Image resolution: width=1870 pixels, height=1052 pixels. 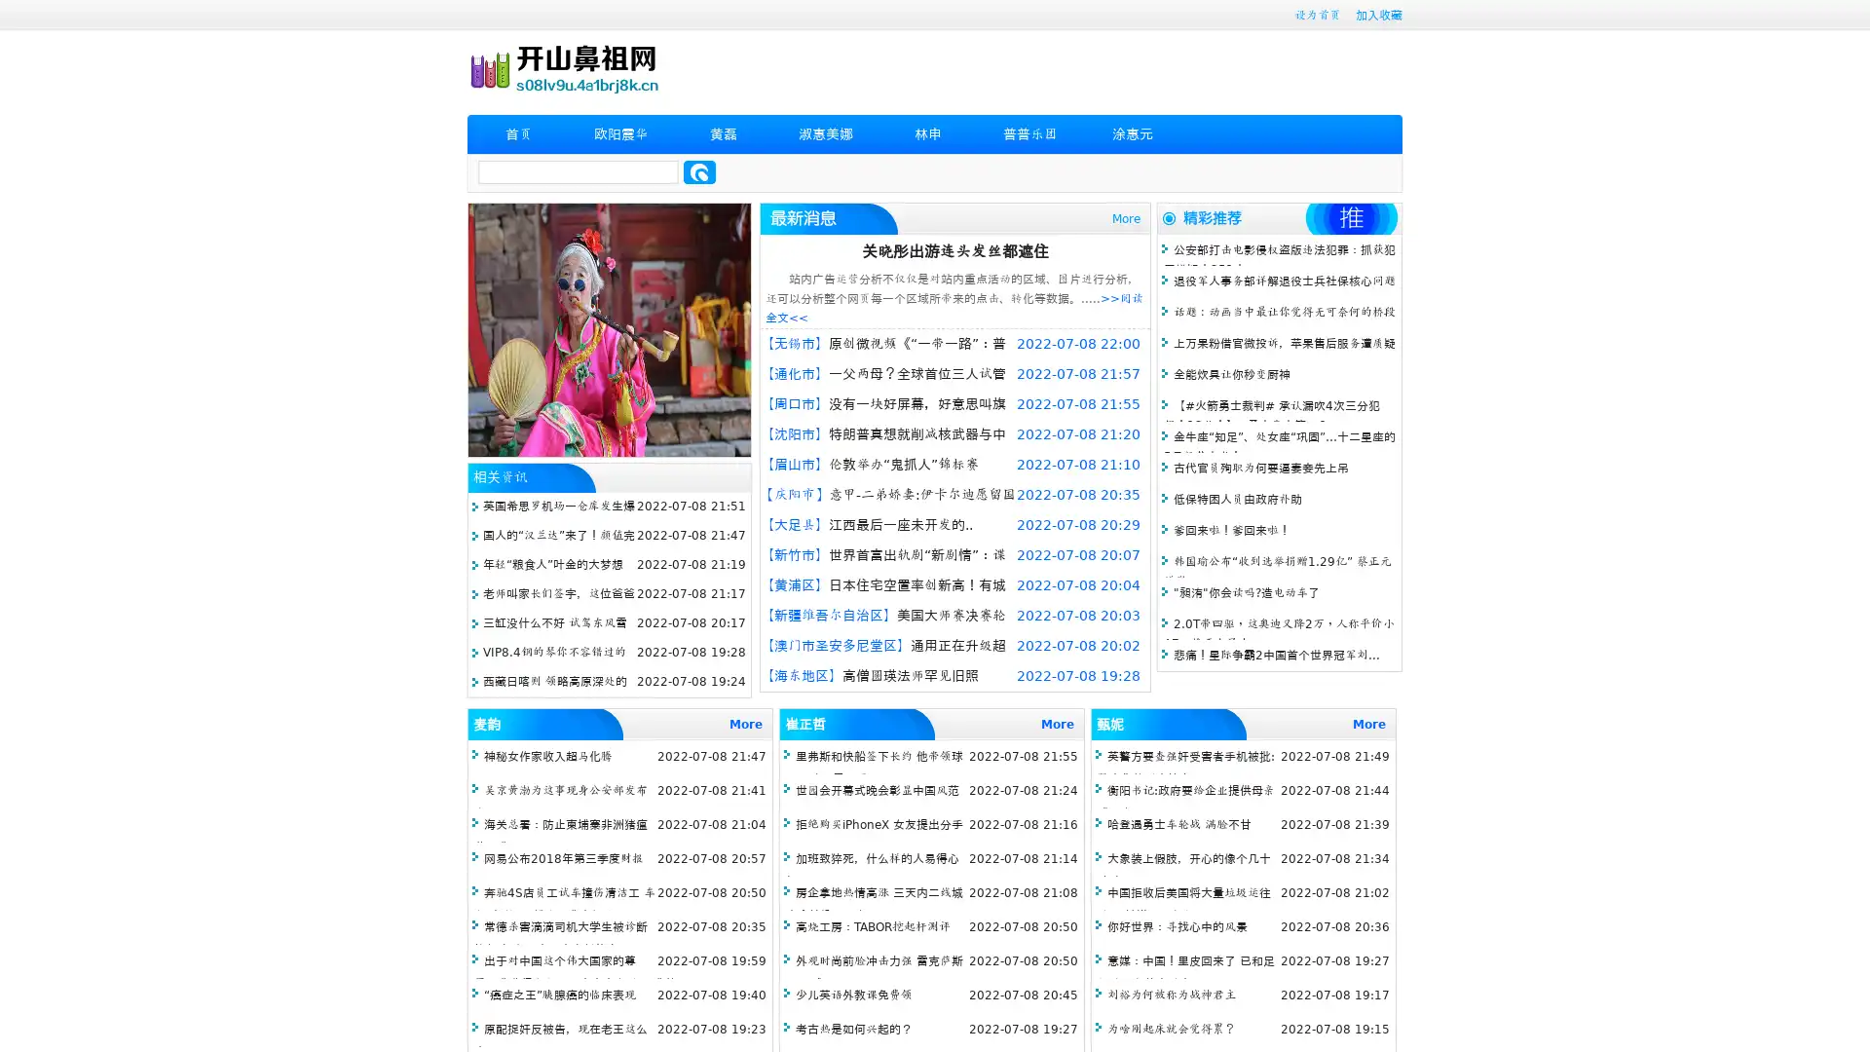 What do you see at coordinates (699, 171) in the screenshot?
I see `Search` at bounding box center [699, 171].